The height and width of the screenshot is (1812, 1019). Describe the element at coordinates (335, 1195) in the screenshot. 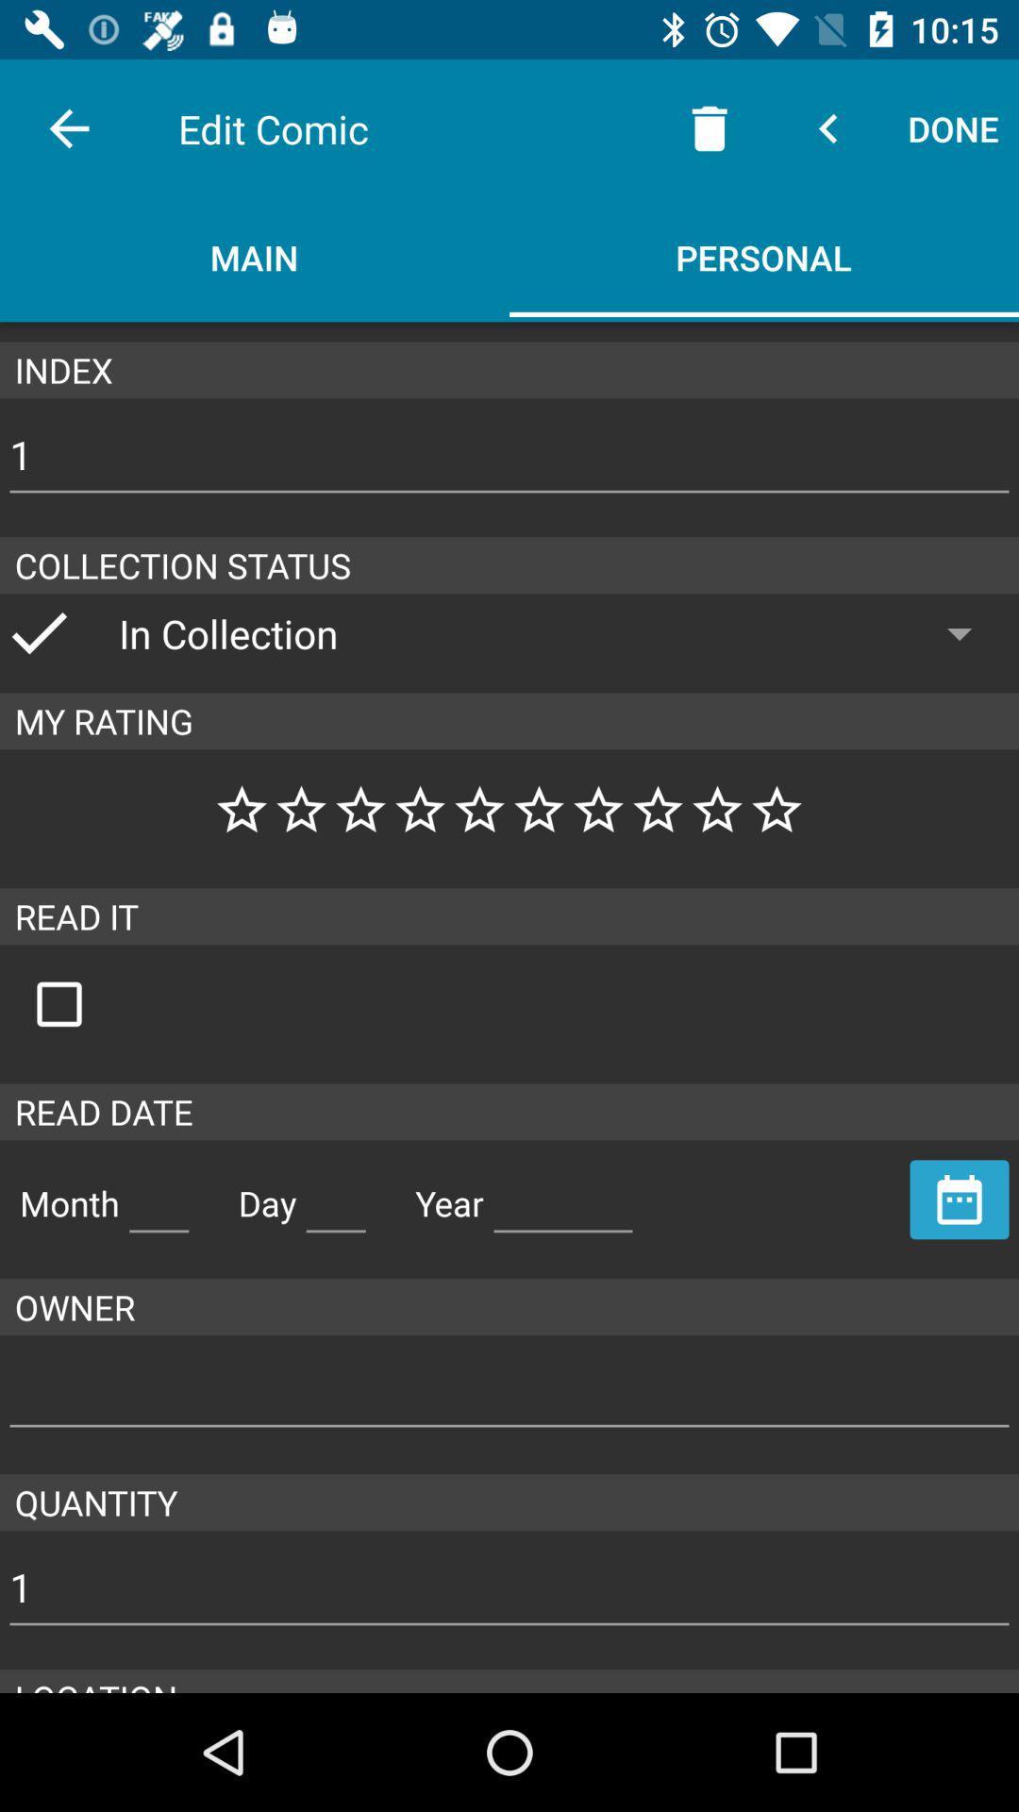

I see `allow text input` at that location.